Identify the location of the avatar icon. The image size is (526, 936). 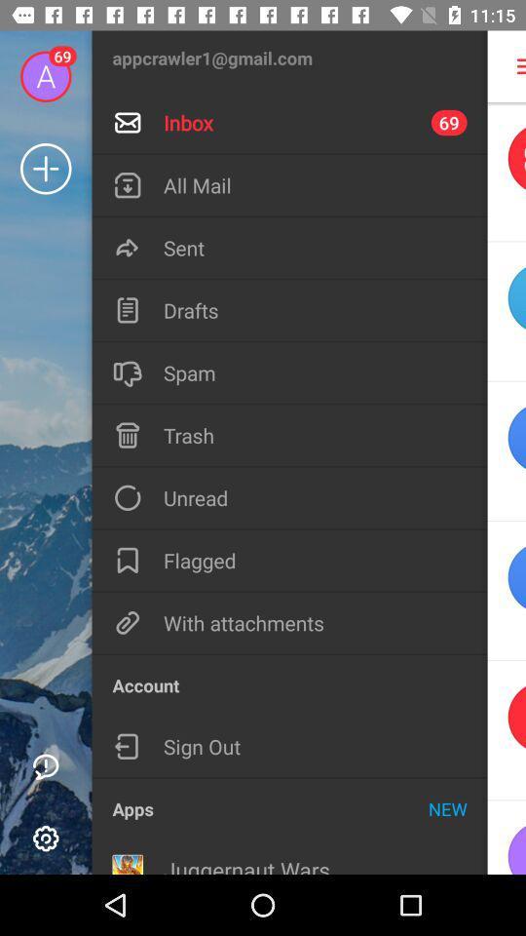
(507, 837).